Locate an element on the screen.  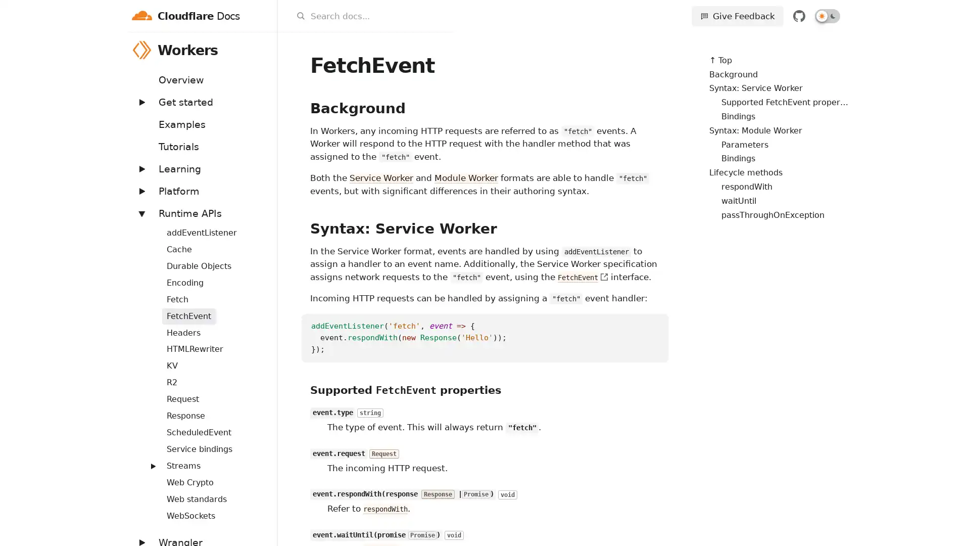
Expand: Streams is located at coordinates (152, 466).